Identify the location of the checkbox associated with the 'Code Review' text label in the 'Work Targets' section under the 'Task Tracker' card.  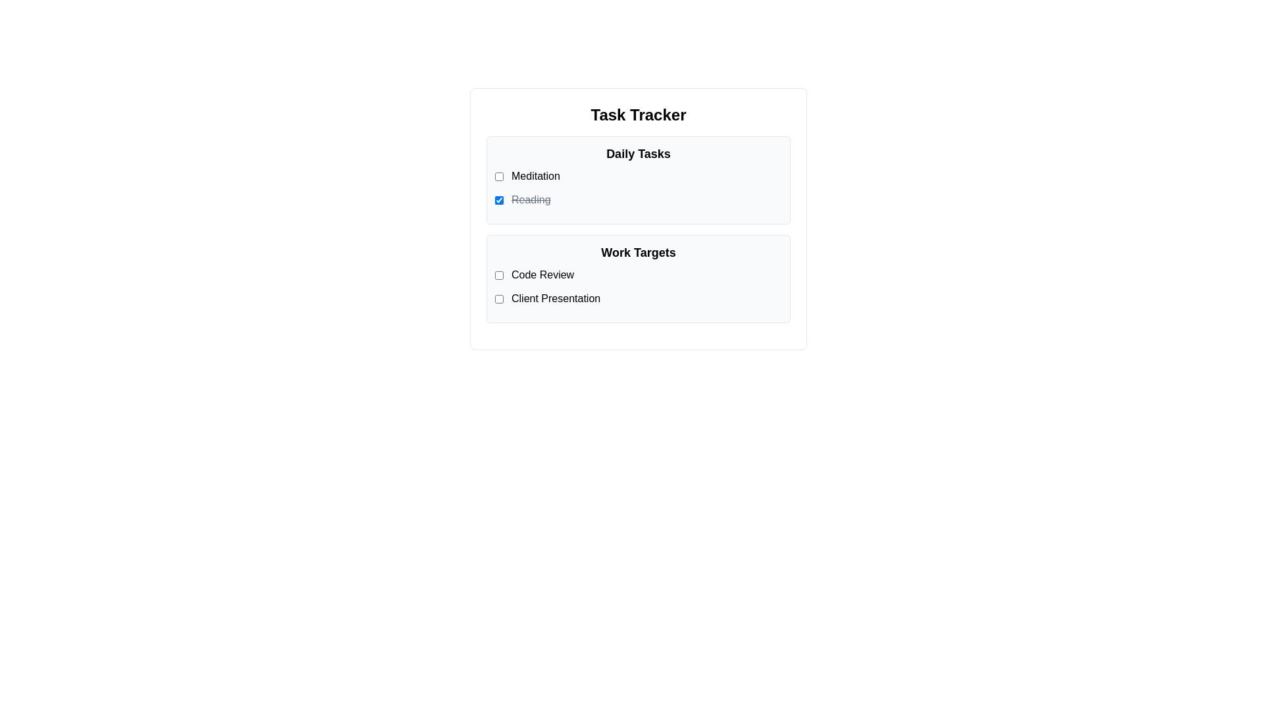
(638, 274).